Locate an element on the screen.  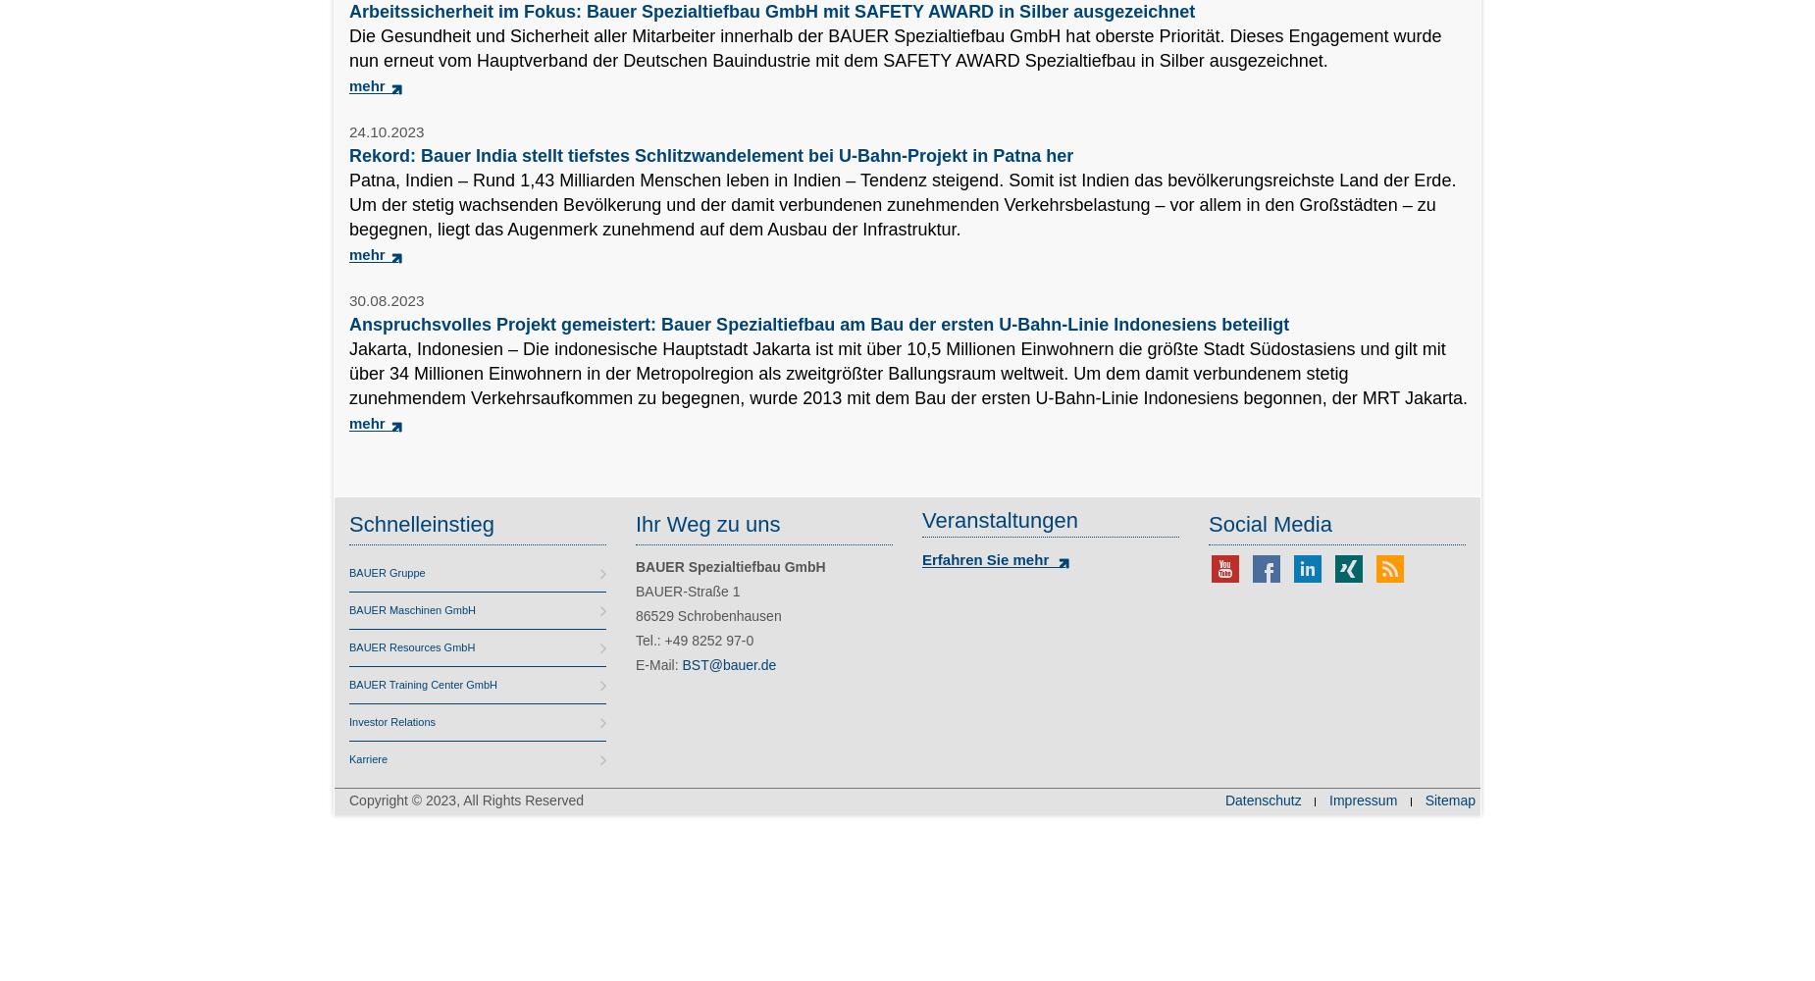
'Erfahren Sie mehr' is located at coordinates (920, 558).